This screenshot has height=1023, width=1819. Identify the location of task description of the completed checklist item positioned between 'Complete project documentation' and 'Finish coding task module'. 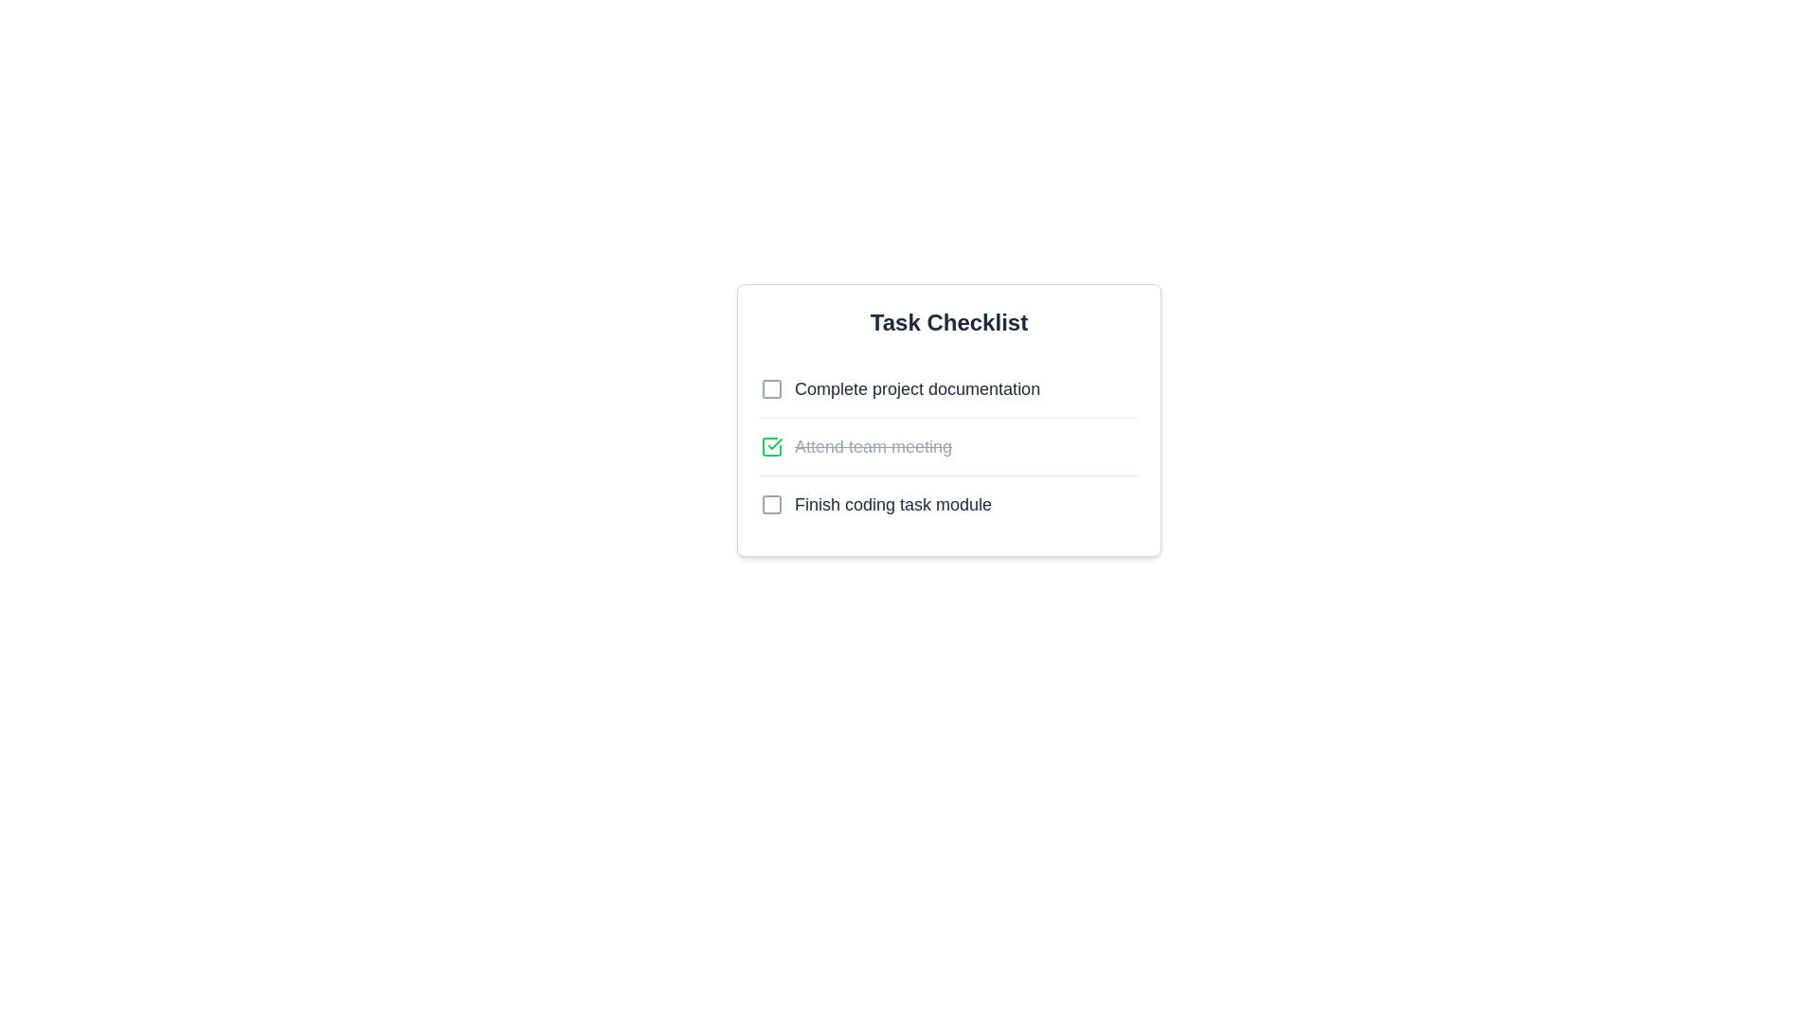
(949, 446).